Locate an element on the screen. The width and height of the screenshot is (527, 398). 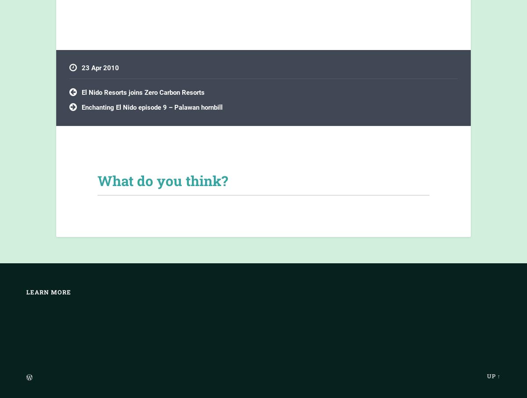
'El Nido' is located at coordinates (81, 105).